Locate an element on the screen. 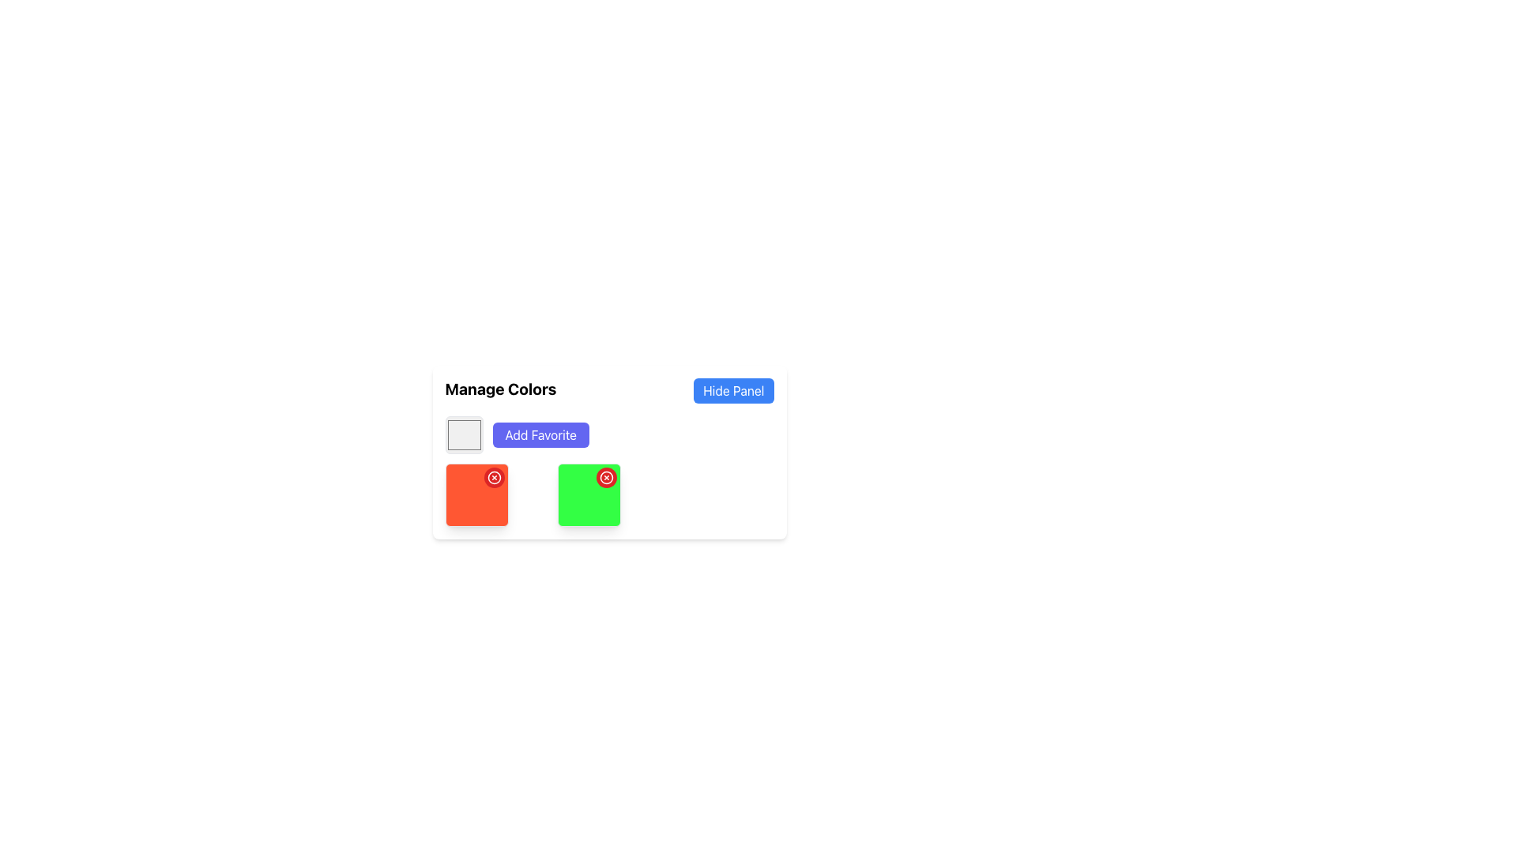 The image size is (1517, 853). the favorite button located to the right of the square color selector in the 'Manage Colors' panel is located at coordinates (540, 435).